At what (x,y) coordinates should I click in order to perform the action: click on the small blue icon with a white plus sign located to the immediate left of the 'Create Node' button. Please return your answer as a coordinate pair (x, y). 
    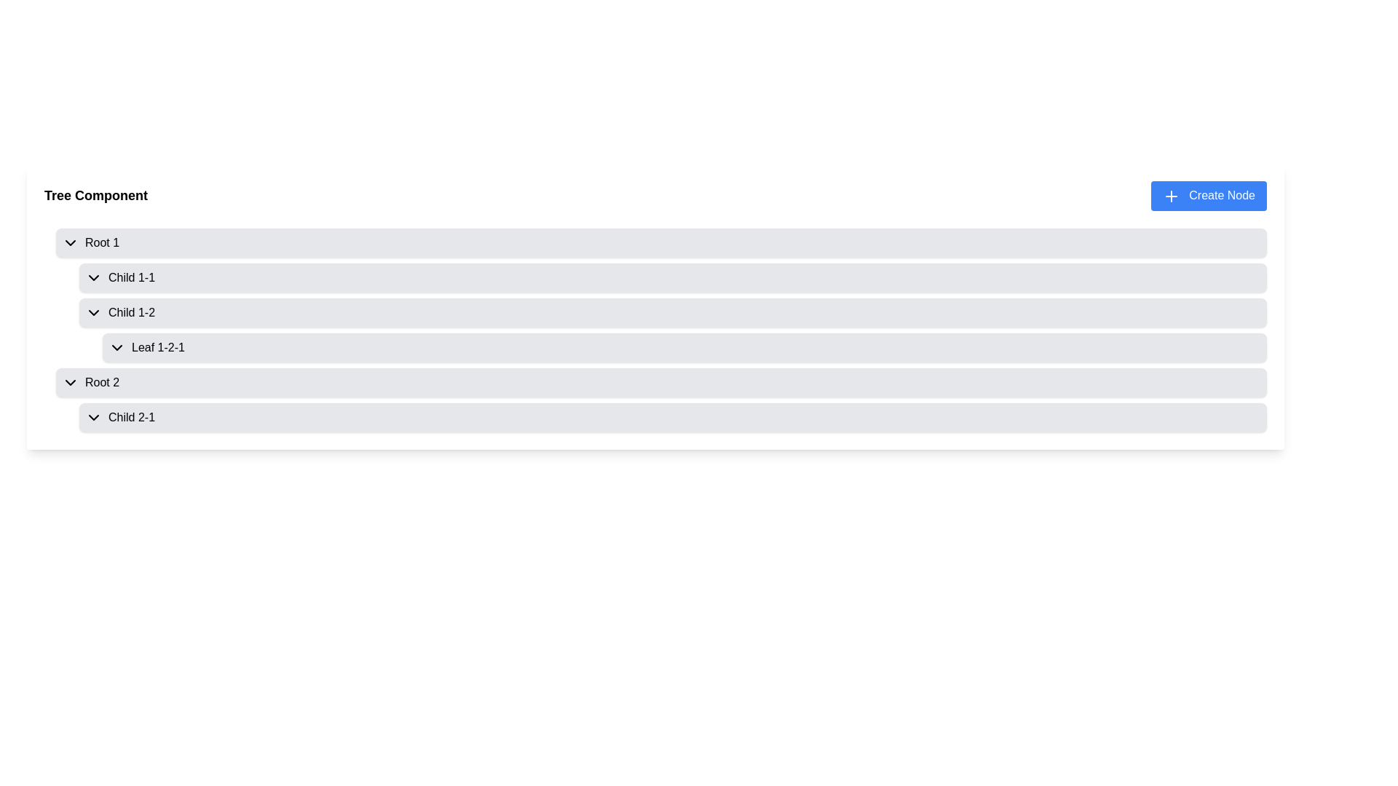
    Looking at the image, I should click on (1171, 195).